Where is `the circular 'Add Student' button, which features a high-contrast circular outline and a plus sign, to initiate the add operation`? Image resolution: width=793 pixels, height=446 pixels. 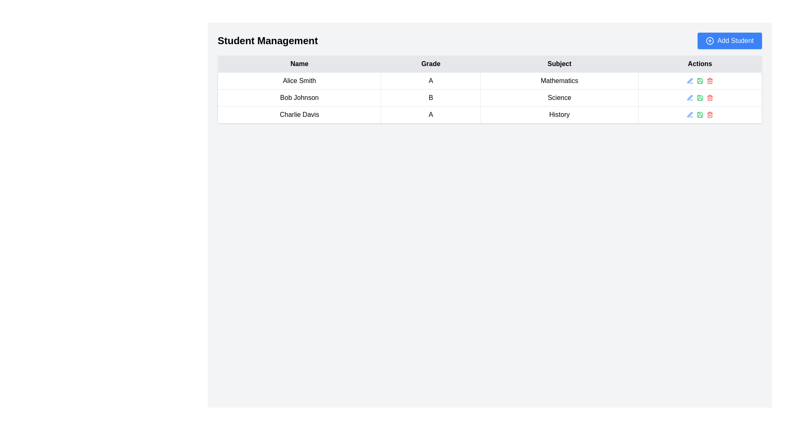
the circular 'Add Student' button, which features a high-contrast circular outline and a plus sign, to initiate the add operation is located at coordinates (709, 41).